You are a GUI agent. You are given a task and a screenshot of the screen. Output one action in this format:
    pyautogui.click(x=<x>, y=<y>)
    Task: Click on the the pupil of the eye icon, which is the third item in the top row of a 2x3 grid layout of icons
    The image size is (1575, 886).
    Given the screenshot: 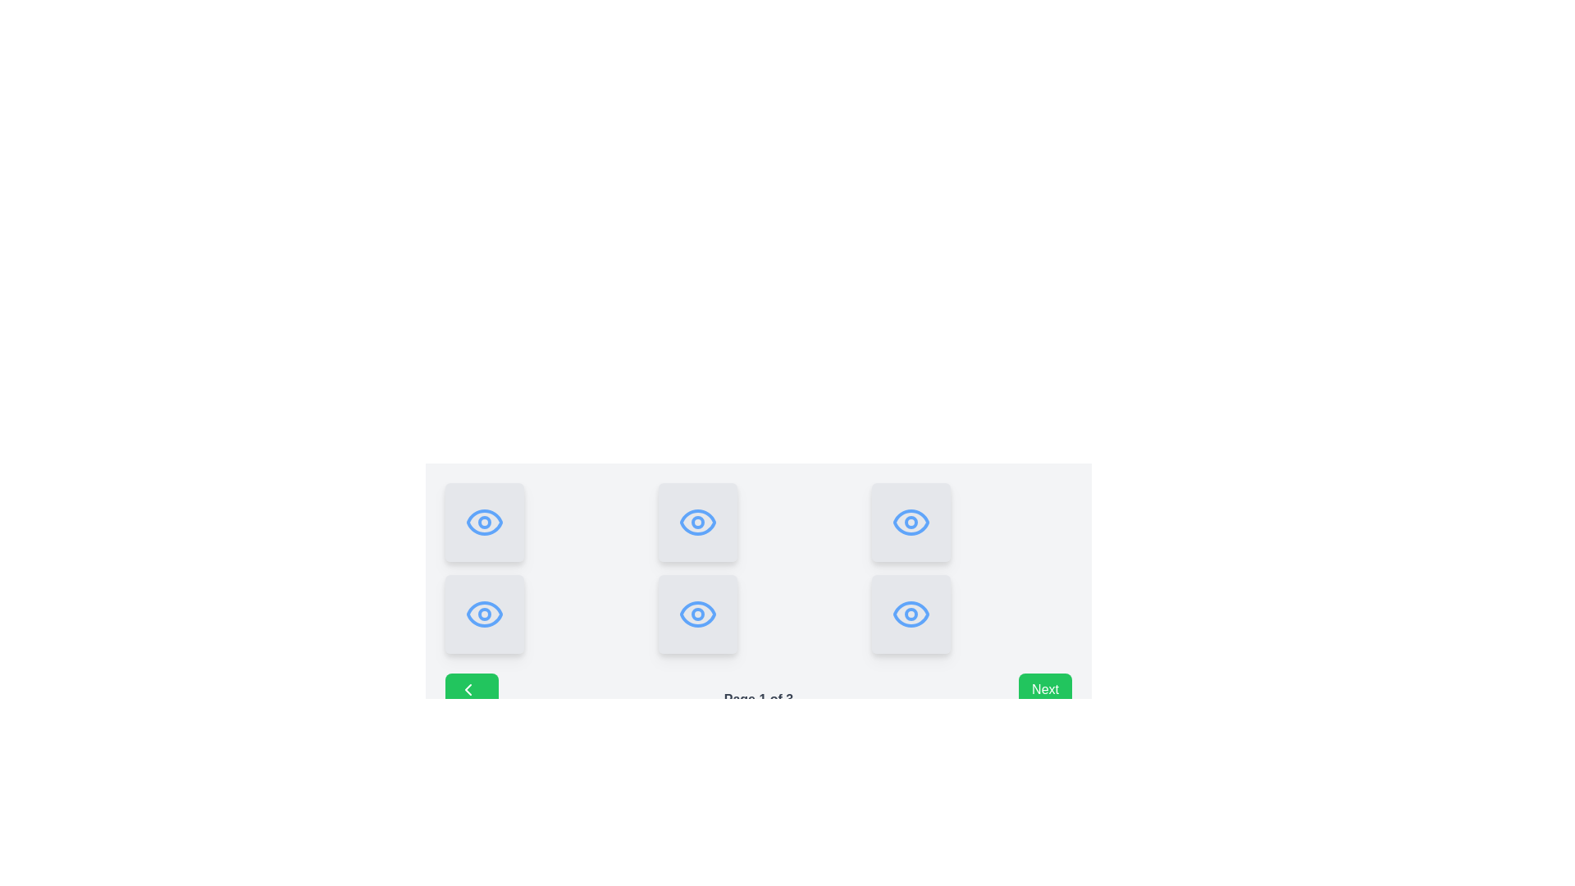 What is the action you would take?
    pyautogui.click(x=910, y=522)
    